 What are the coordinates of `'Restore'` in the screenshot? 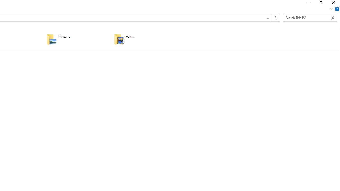 It's located at (321, 4).